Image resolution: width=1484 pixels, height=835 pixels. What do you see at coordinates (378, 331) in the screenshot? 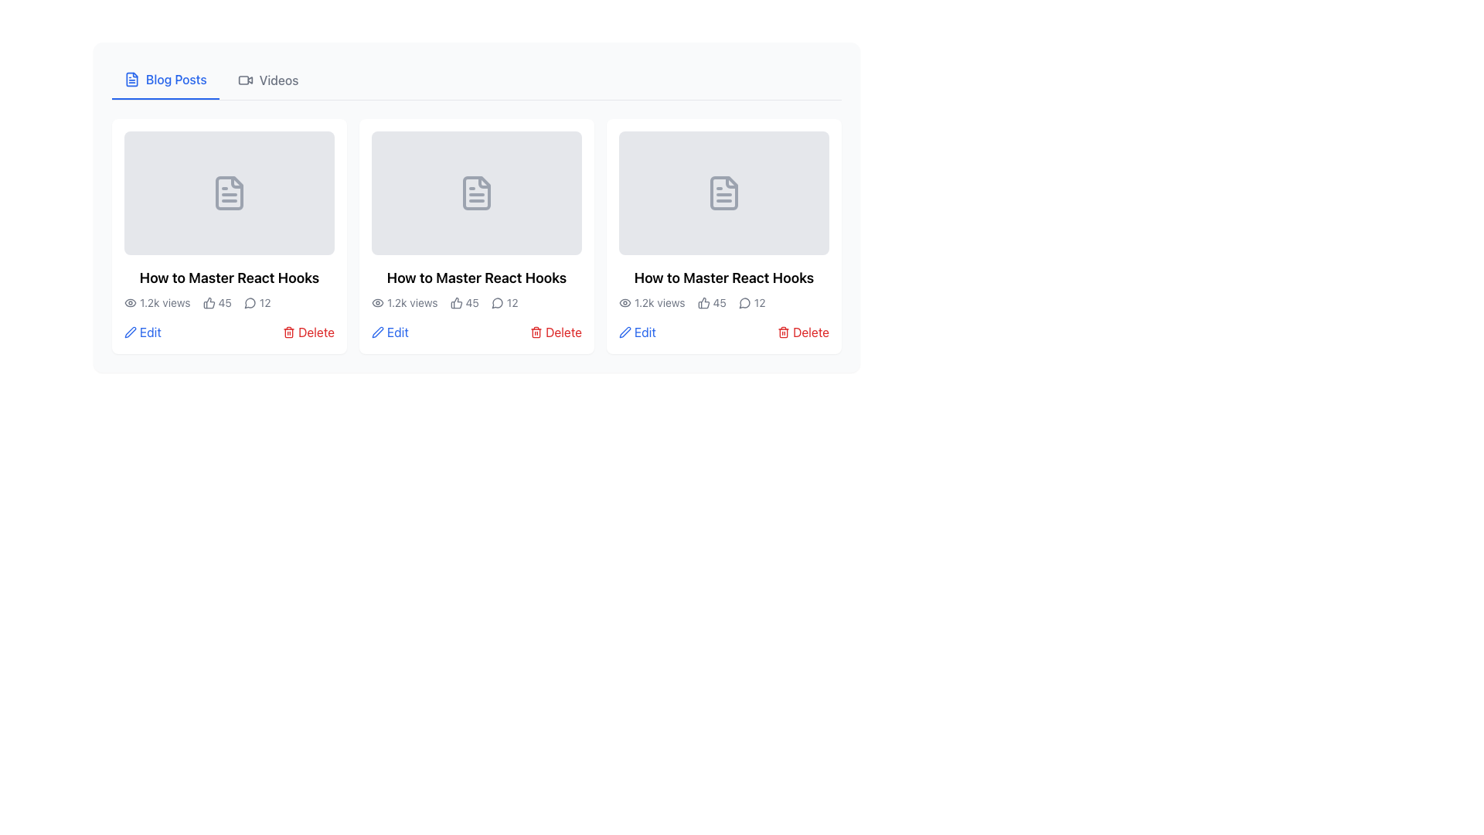
I see `the edit tool icon, which is a pen icon located within the action links under the second blog post card` at bounding box center [378, 331].